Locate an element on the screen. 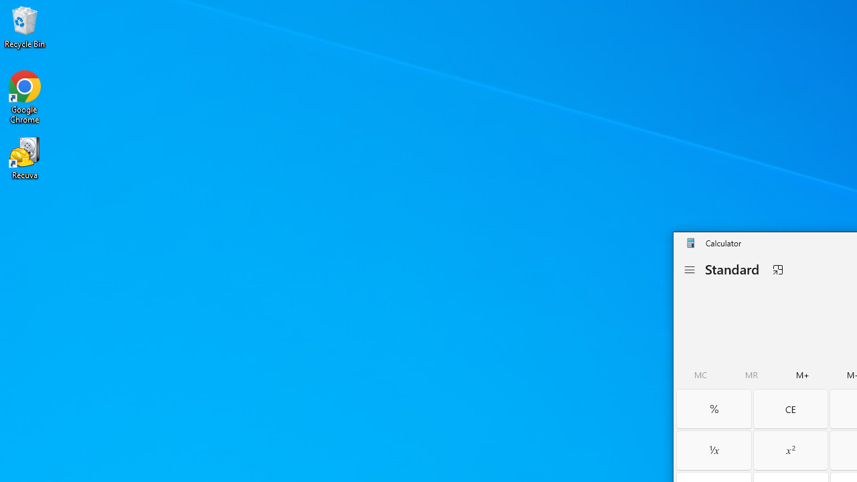  'Clear all memory' is located at coordinates (700, 375).